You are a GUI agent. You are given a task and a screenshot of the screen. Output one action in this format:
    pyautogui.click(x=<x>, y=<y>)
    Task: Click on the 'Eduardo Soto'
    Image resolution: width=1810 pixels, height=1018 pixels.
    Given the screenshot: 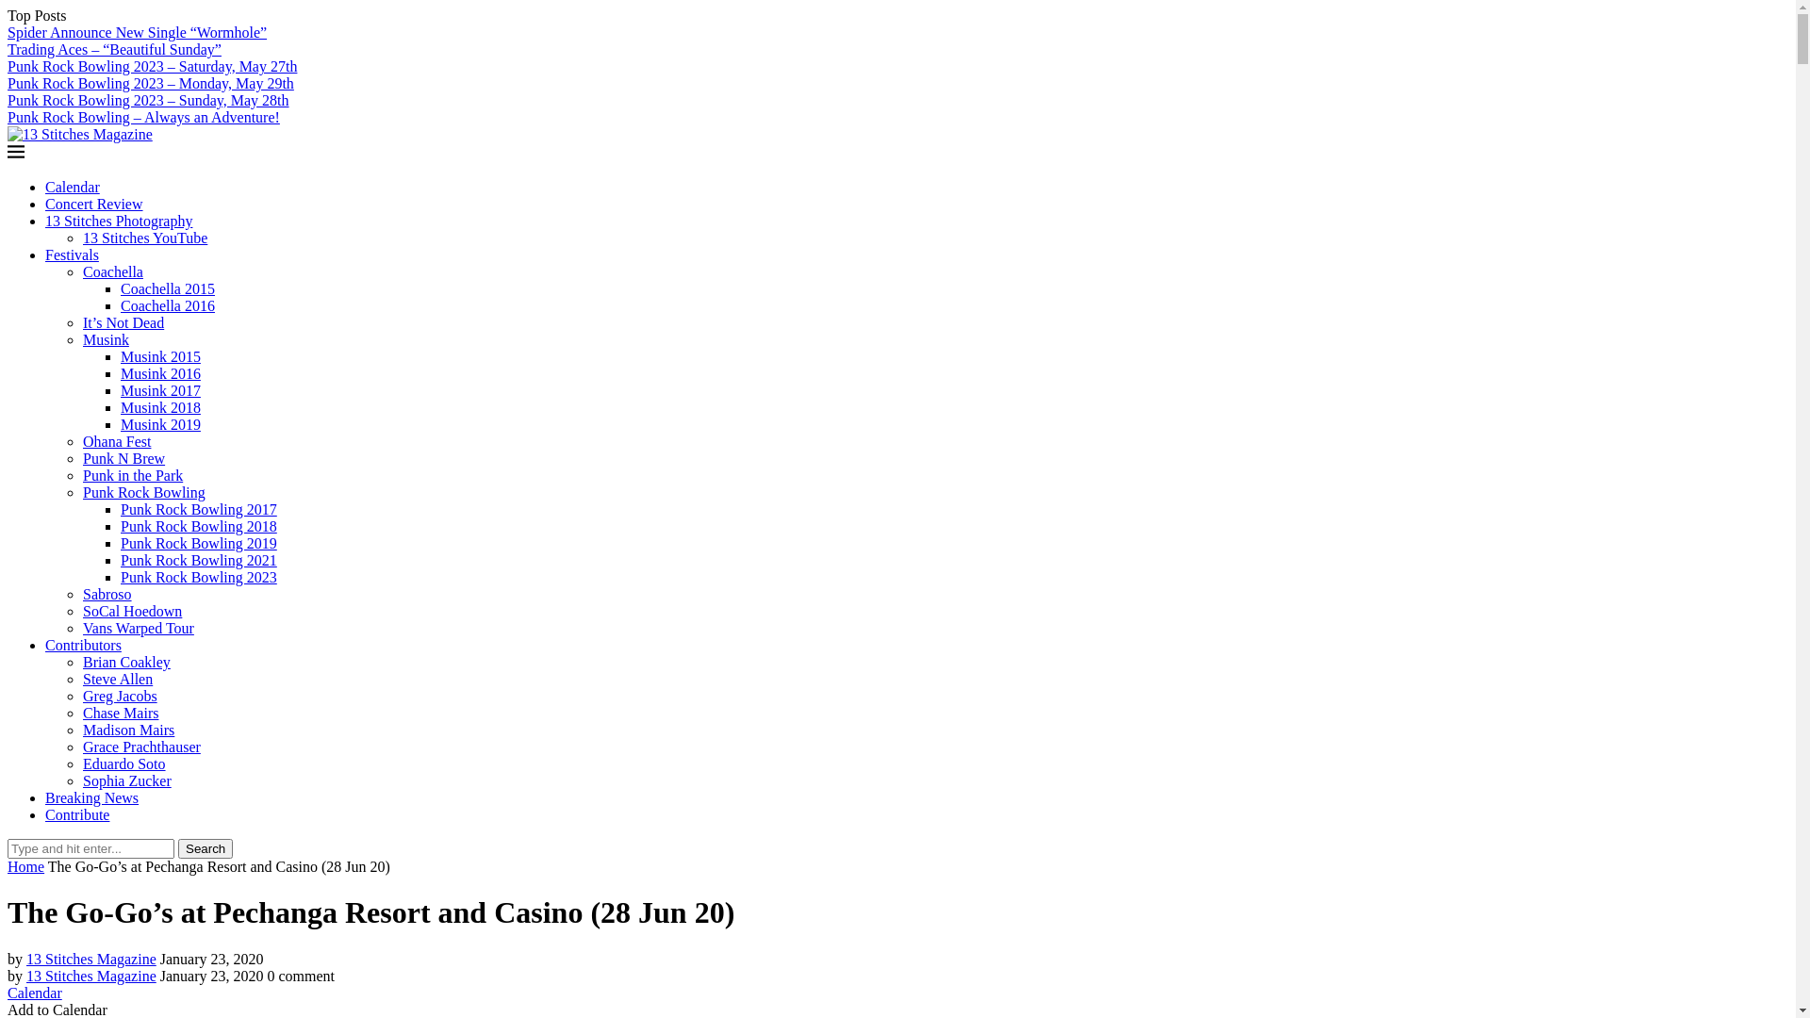 What is the action you would take?
    pyautogui.click(x=123, y=763)
    